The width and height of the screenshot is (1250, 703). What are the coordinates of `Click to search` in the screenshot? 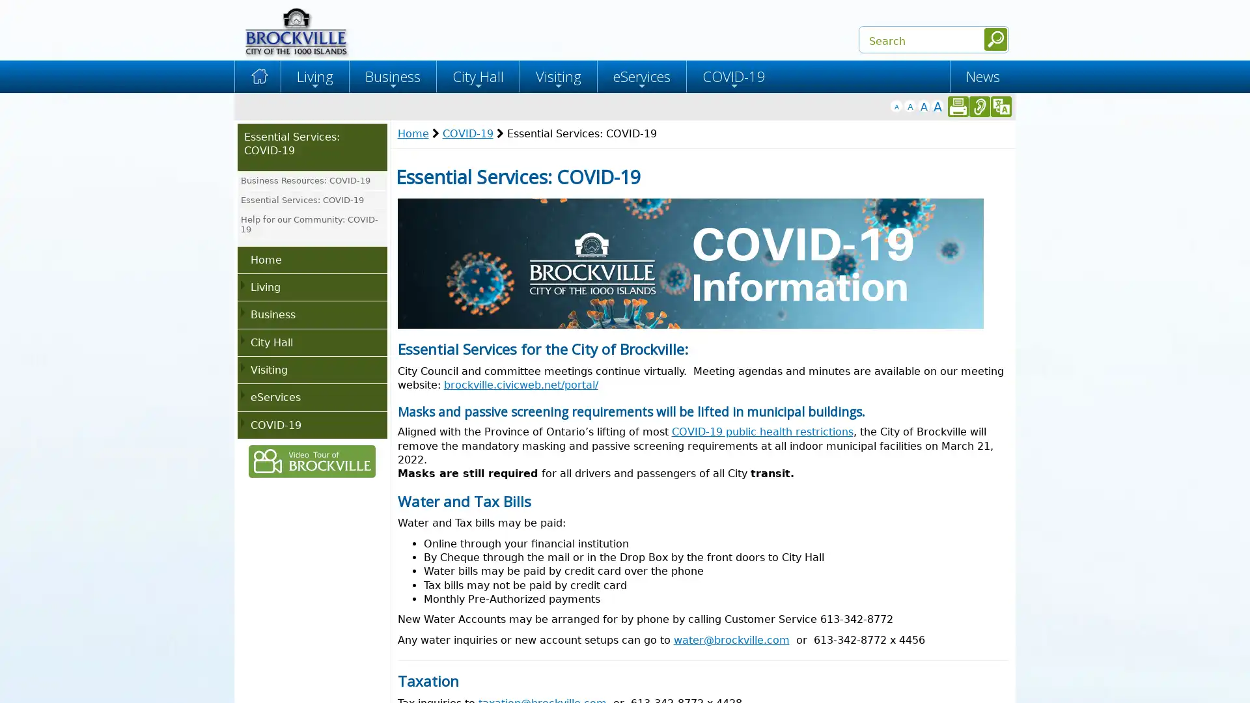 It's located at (995, 38).